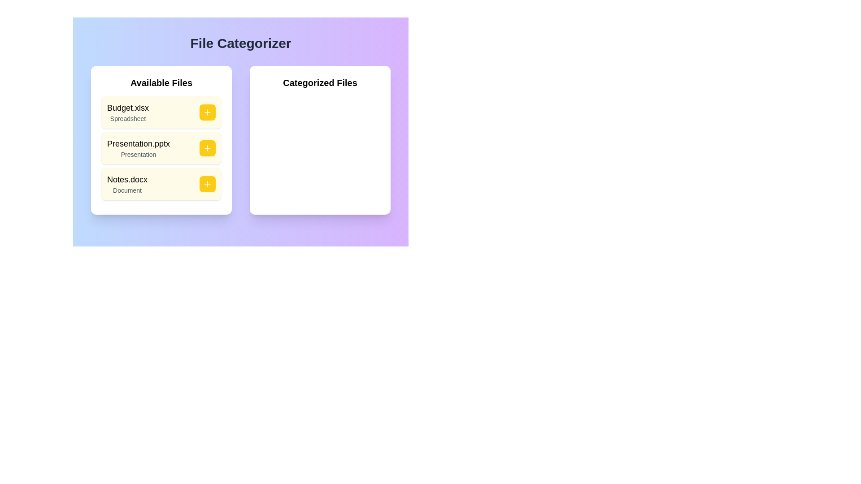 This screenshot has height=484, width=861. Describe the element at coordinates (207, 148) in the screenshot. I see `the interactive button next to the file name 'Presentation.pptx'` at that location.